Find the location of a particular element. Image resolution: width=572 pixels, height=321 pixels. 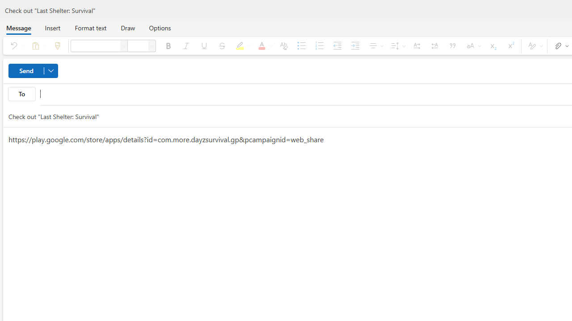

'Left-to-right' is located at coordinates (416, 45).